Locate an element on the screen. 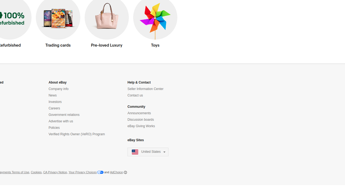  'Discussion boards' is located at coordinates (141, 119).